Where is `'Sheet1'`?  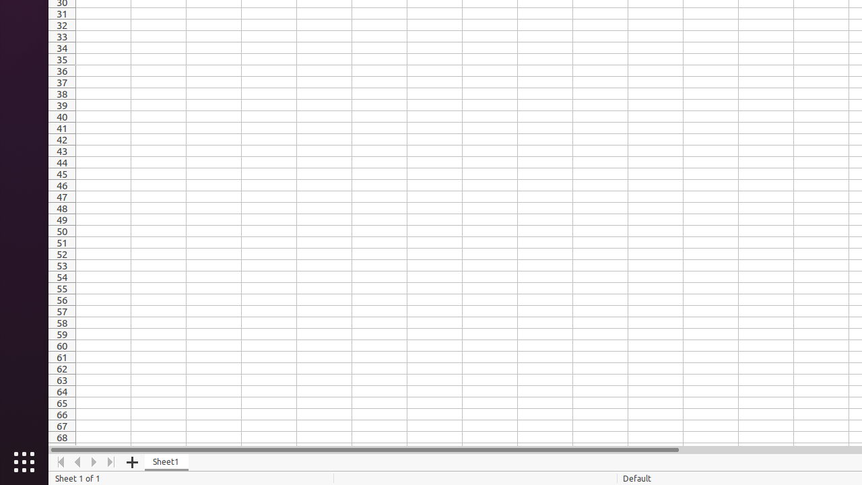
'Sheet1' is located at coordinates (166, 461).